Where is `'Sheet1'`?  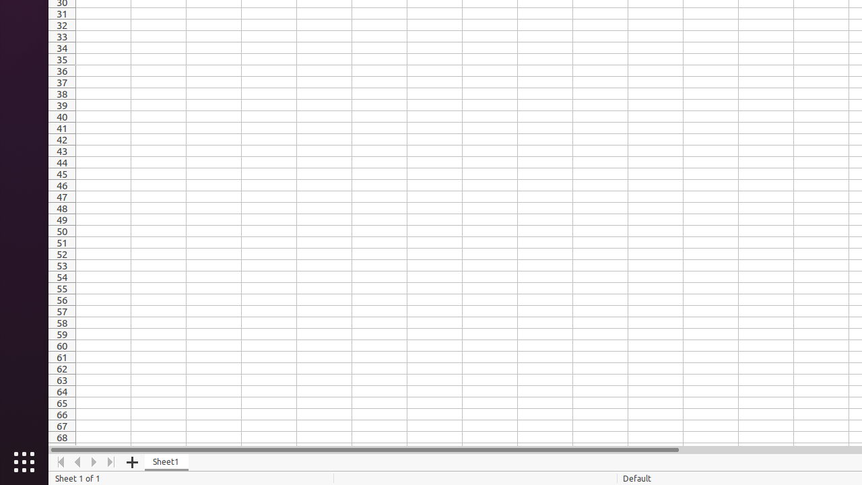
'Sheet1' is located at coordinates (166, 461).